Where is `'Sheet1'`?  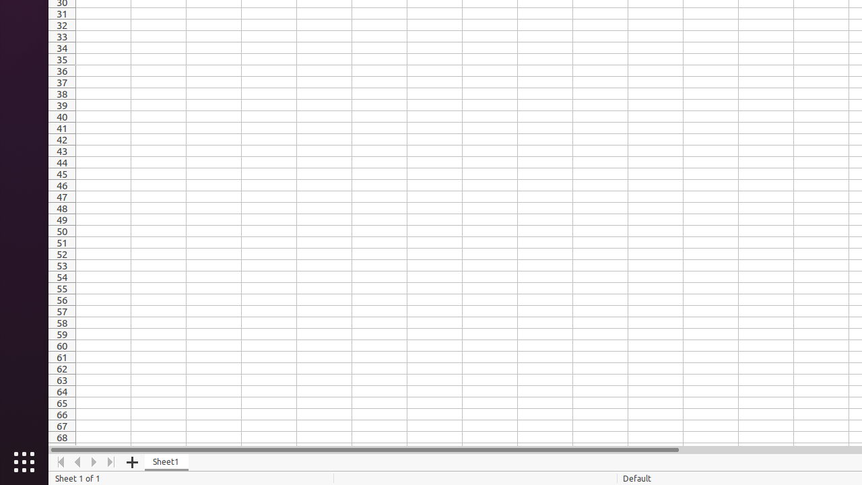
'Sheet1' is located at coordinates (166, 461).